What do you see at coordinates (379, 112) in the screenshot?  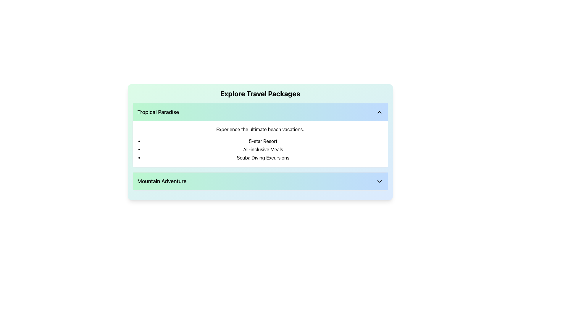 I see `the small upward-pointing arrow icon located at the far right of the 'Tropical Paradise' header text` at bounding box center [379, 112].